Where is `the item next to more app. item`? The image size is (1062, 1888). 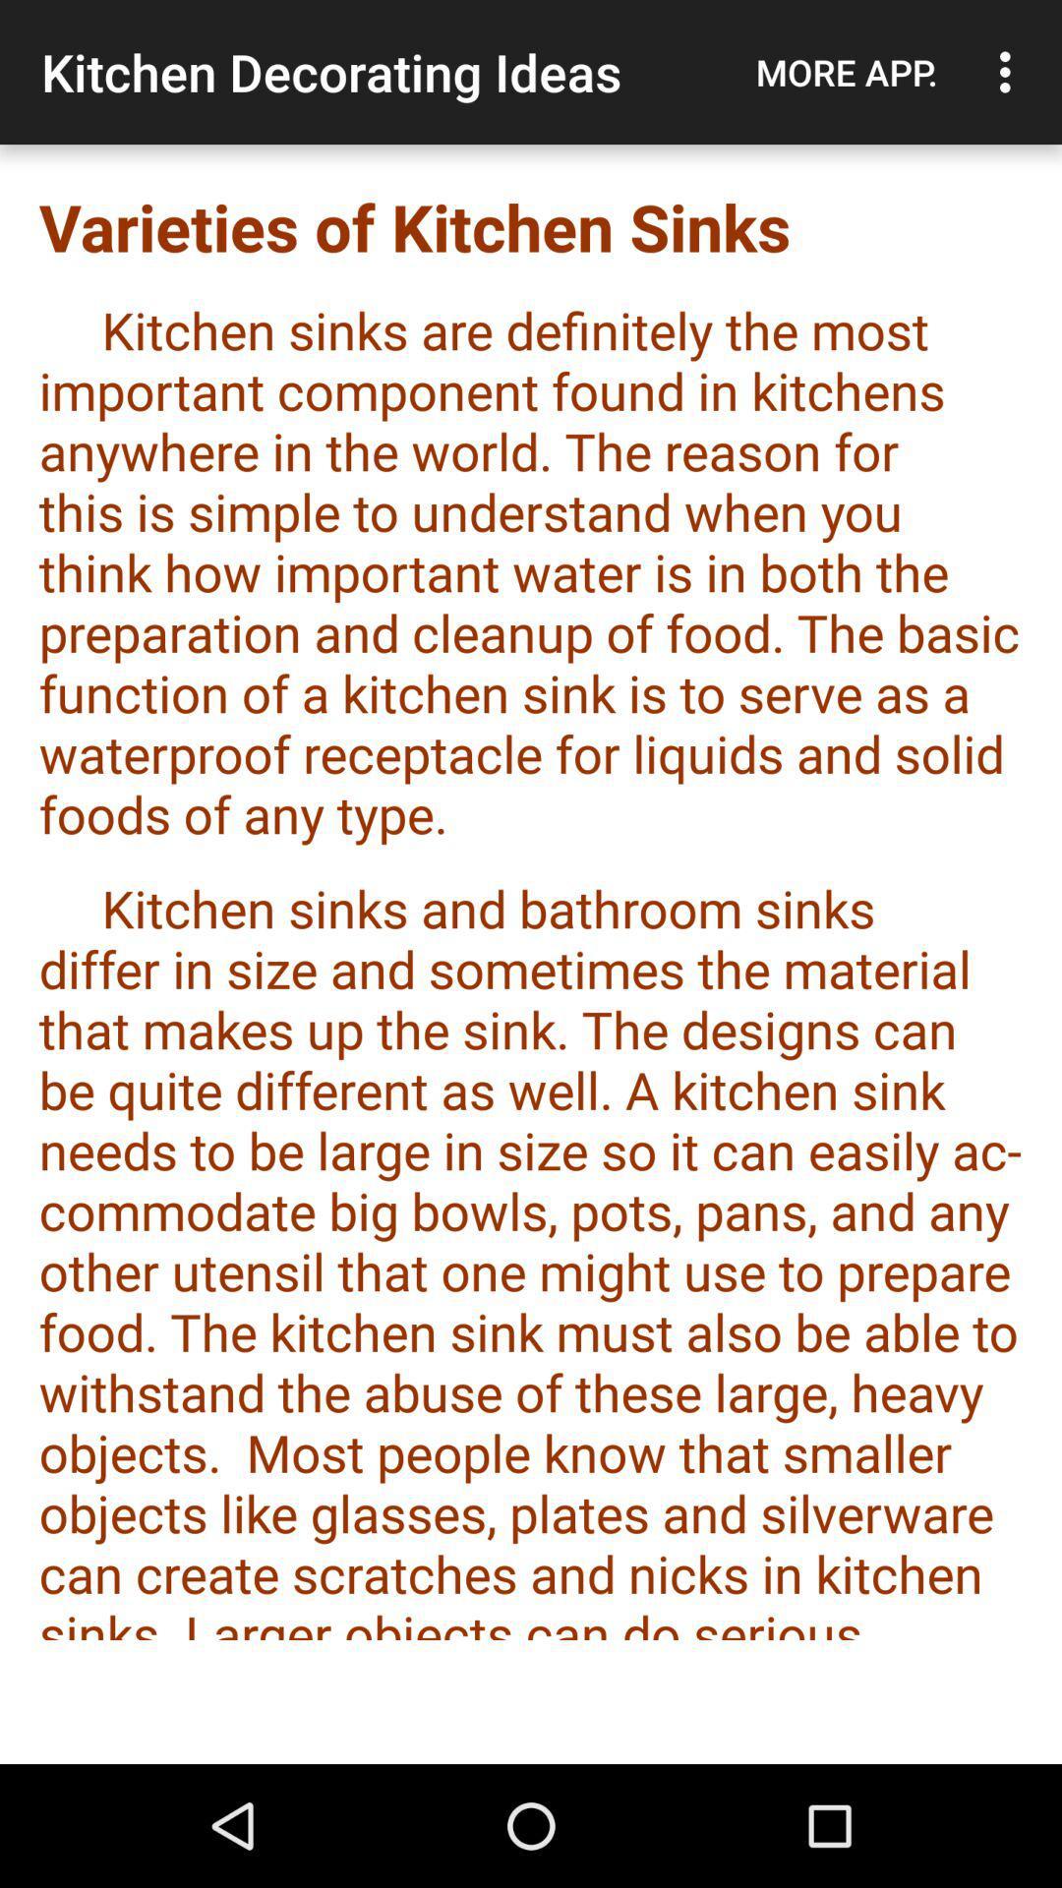
the item next to more app. item is located at coordinates (1010, 72).